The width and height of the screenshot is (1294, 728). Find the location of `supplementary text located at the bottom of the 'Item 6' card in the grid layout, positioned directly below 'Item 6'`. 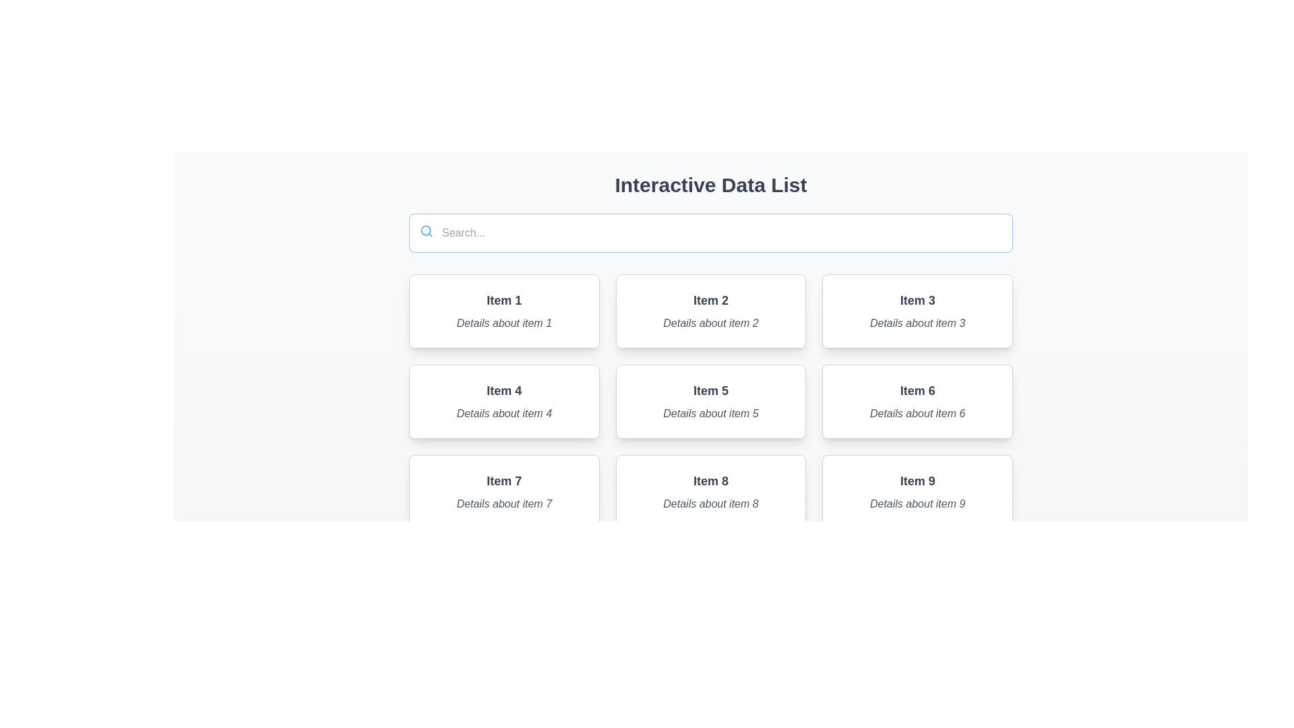

supplementary text located at the bottom of the 'Item 6' card in the grid layout, positioned directly below 'Item 6' is located at coordinates (917, 413).